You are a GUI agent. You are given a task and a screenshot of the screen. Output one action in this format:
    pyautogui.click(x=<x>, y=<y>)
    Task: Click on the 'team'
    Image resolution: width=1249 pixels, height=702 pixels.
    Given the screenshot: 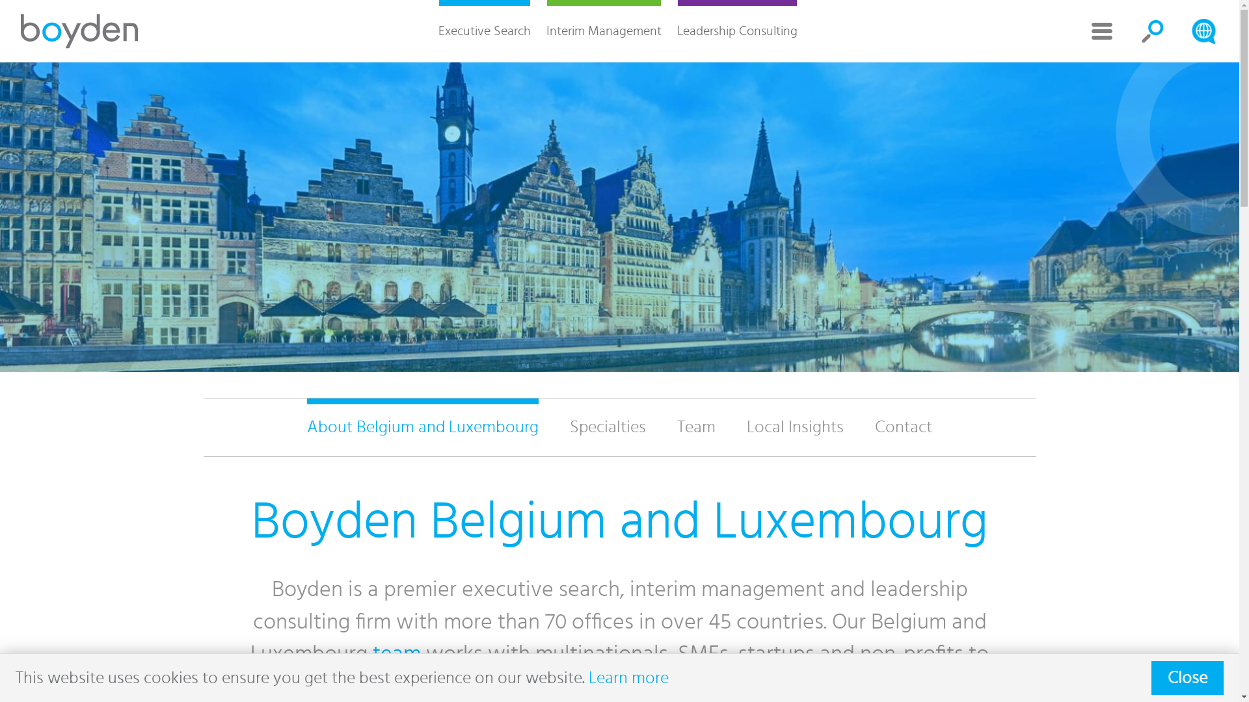 What is the action you would take?
    pyautogui.click(x=396, y=654)
    